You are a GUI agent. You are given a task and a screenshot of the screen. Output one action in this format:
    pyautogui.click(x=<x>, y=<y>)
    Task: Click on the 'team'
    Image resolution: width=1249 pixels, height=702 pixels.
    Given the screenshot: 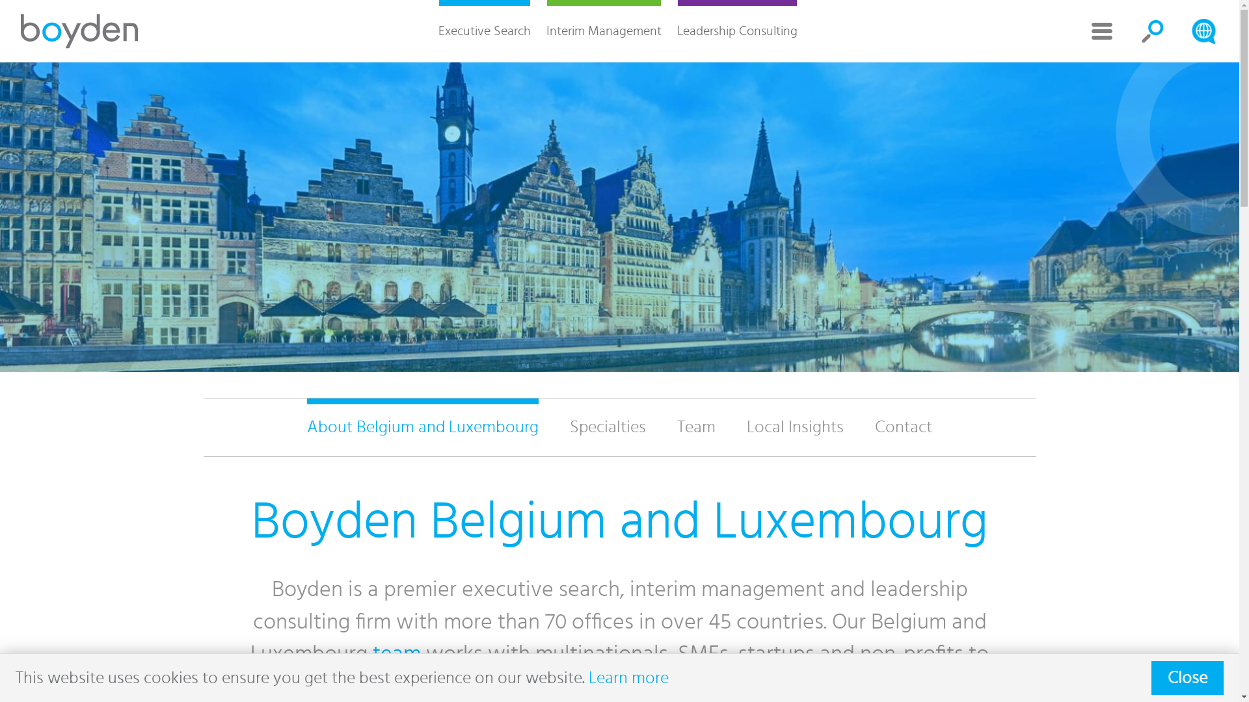 What is the action you would take?
    pyautogui.click(x=396, y=654)
    